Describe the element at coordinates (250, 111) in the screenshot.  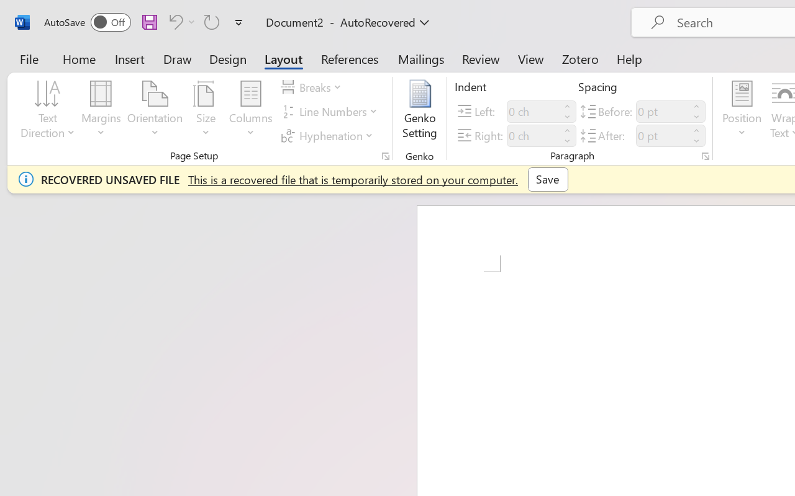
I see `'Columns'` at that location.